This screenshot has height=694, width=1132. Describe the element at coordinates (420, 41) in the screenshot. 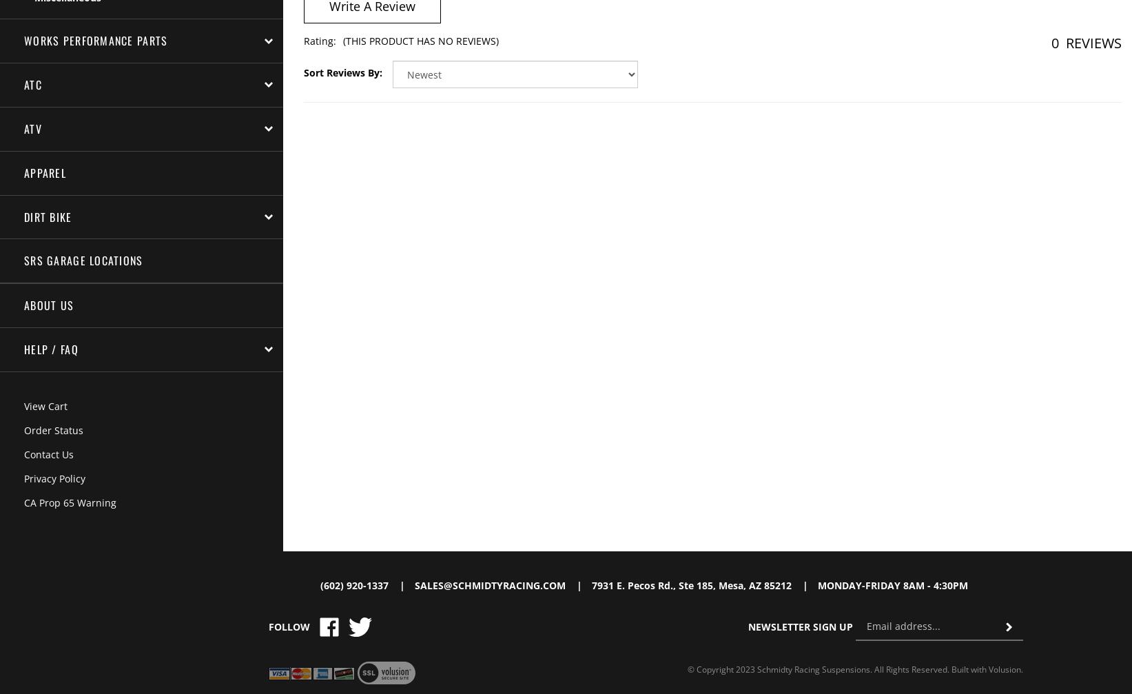

I see `'(This product has no reviews)'` at that location.